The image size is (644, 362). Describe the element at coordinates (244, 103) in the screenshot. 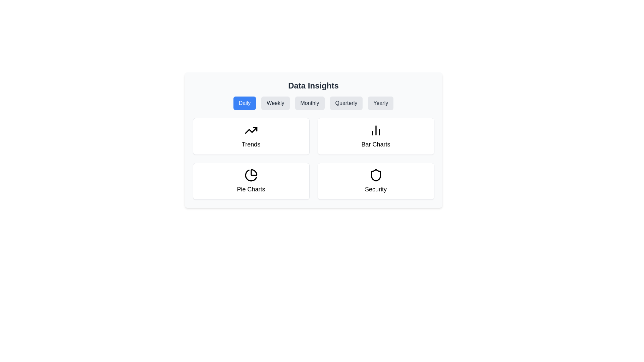

I see `the 'Daily' button` at that location.